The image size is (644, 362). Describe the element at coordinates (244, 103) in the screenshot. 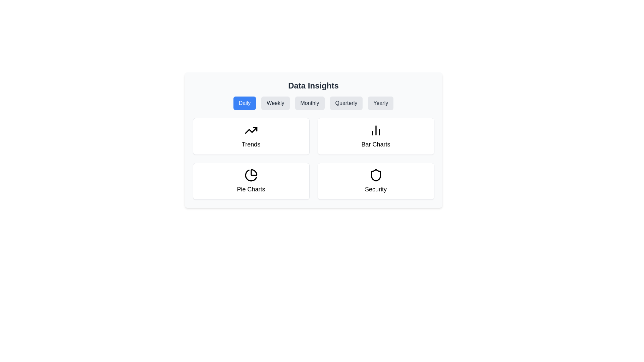

I see `the 'Daily' button` at that location.